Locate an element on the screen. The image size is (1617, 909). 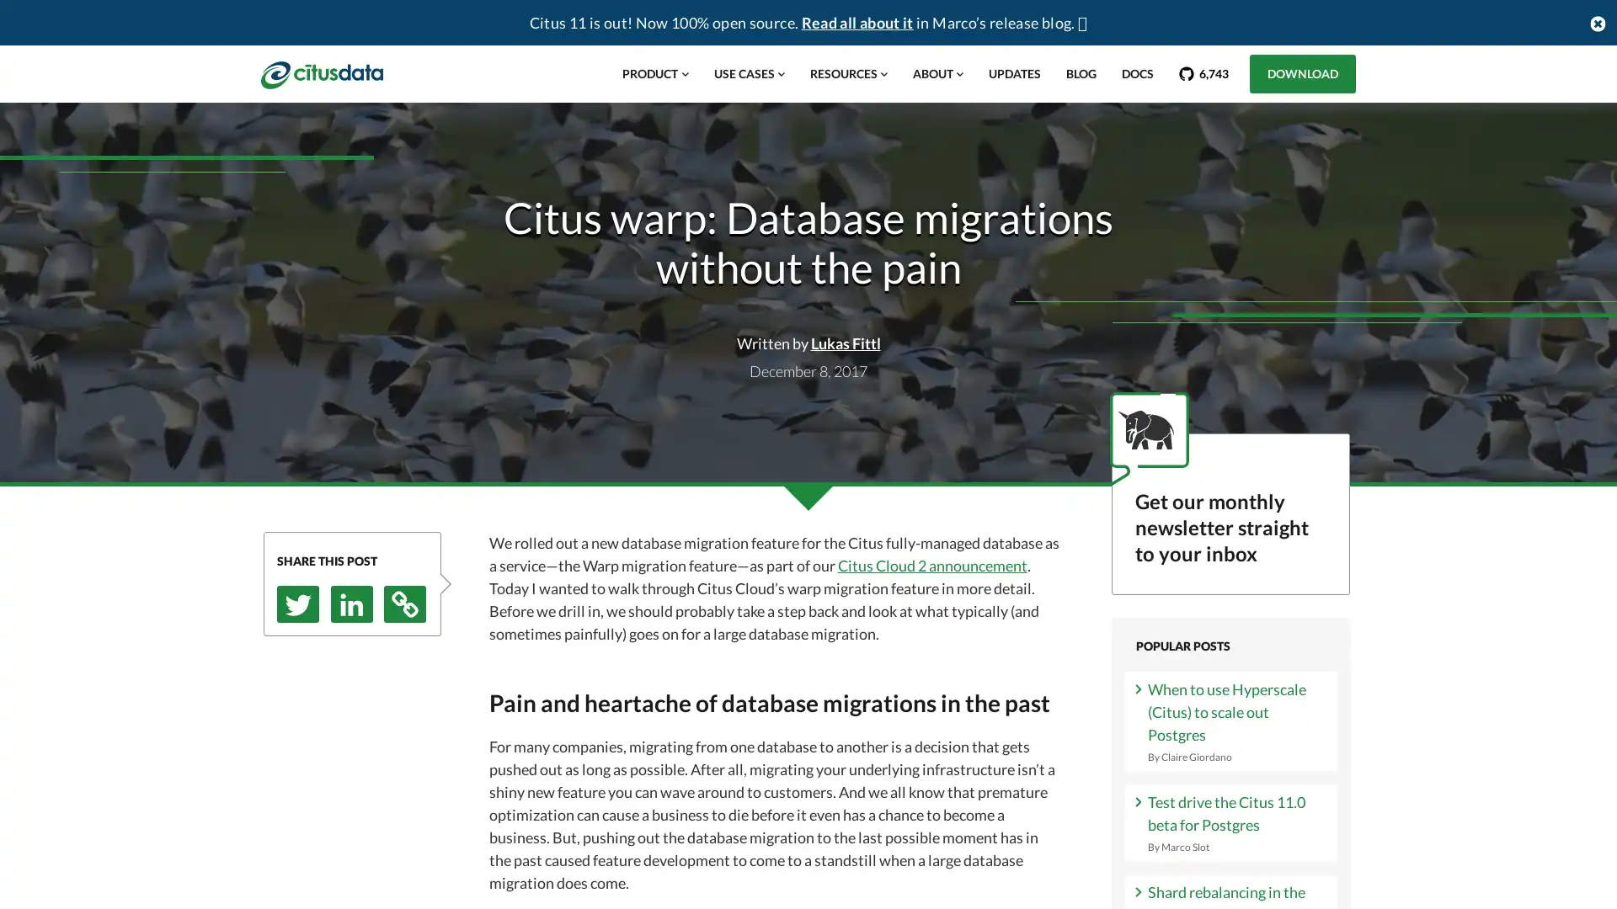
Copy link is located at coordinates (404, 603).